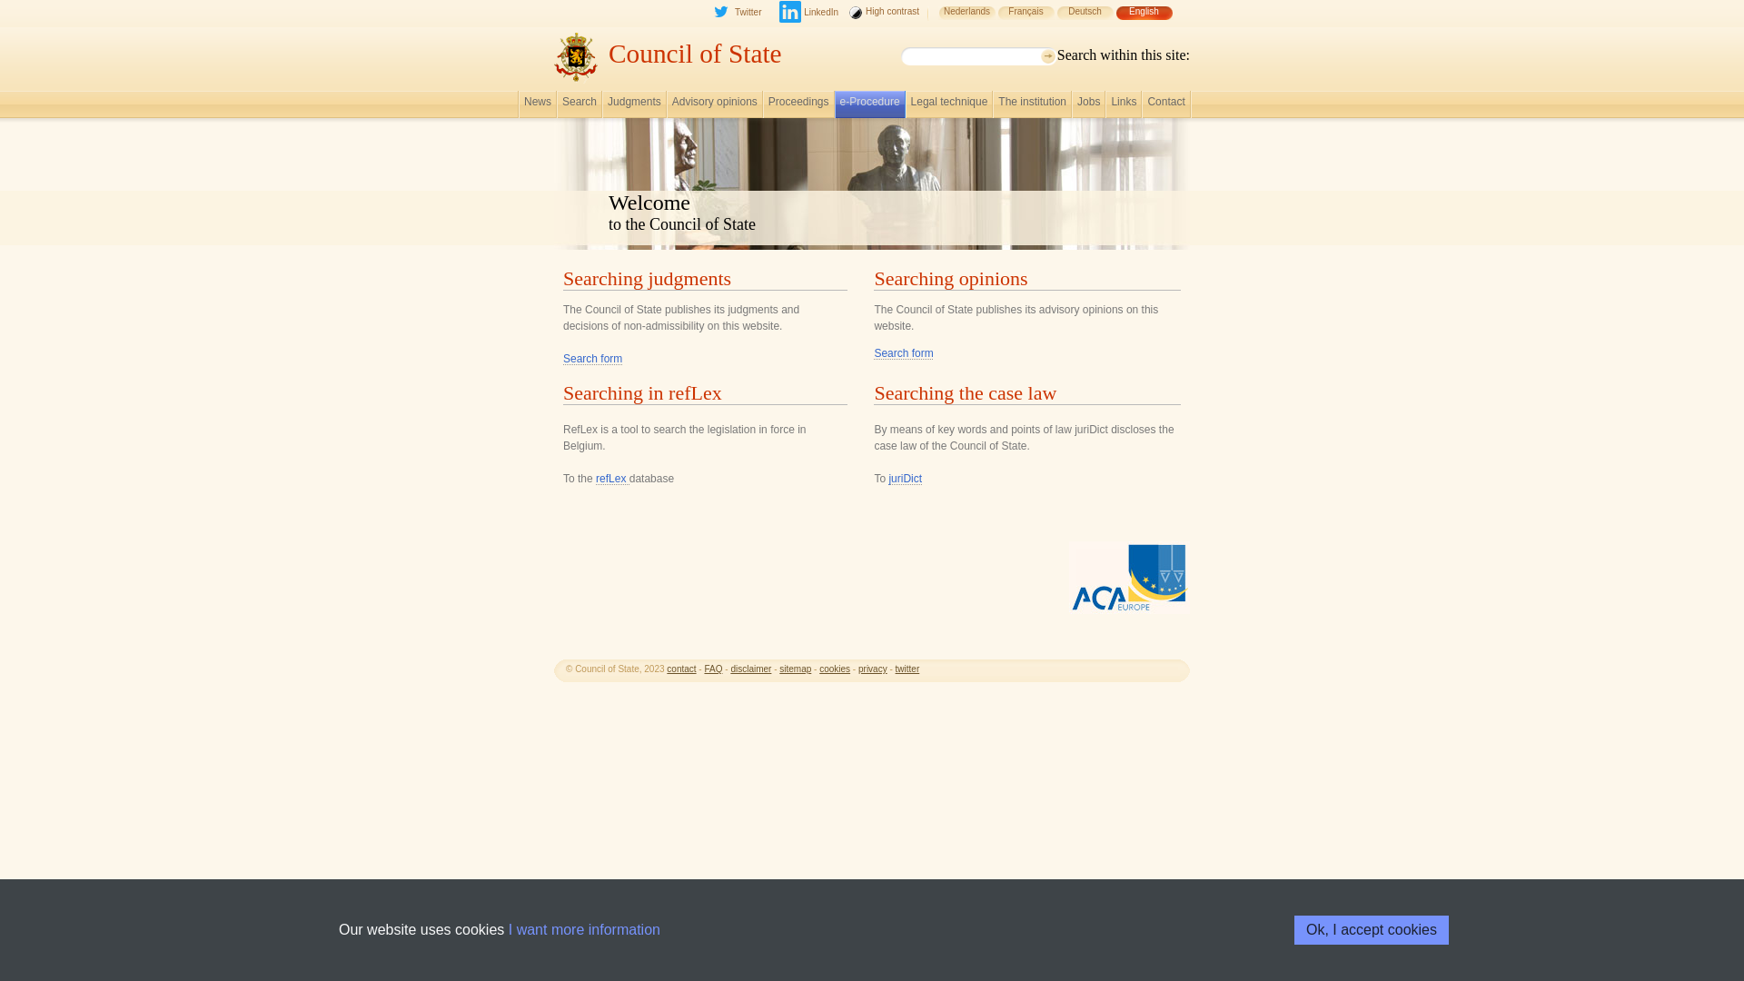  I want to click on 'privacy', so click(857, 669).